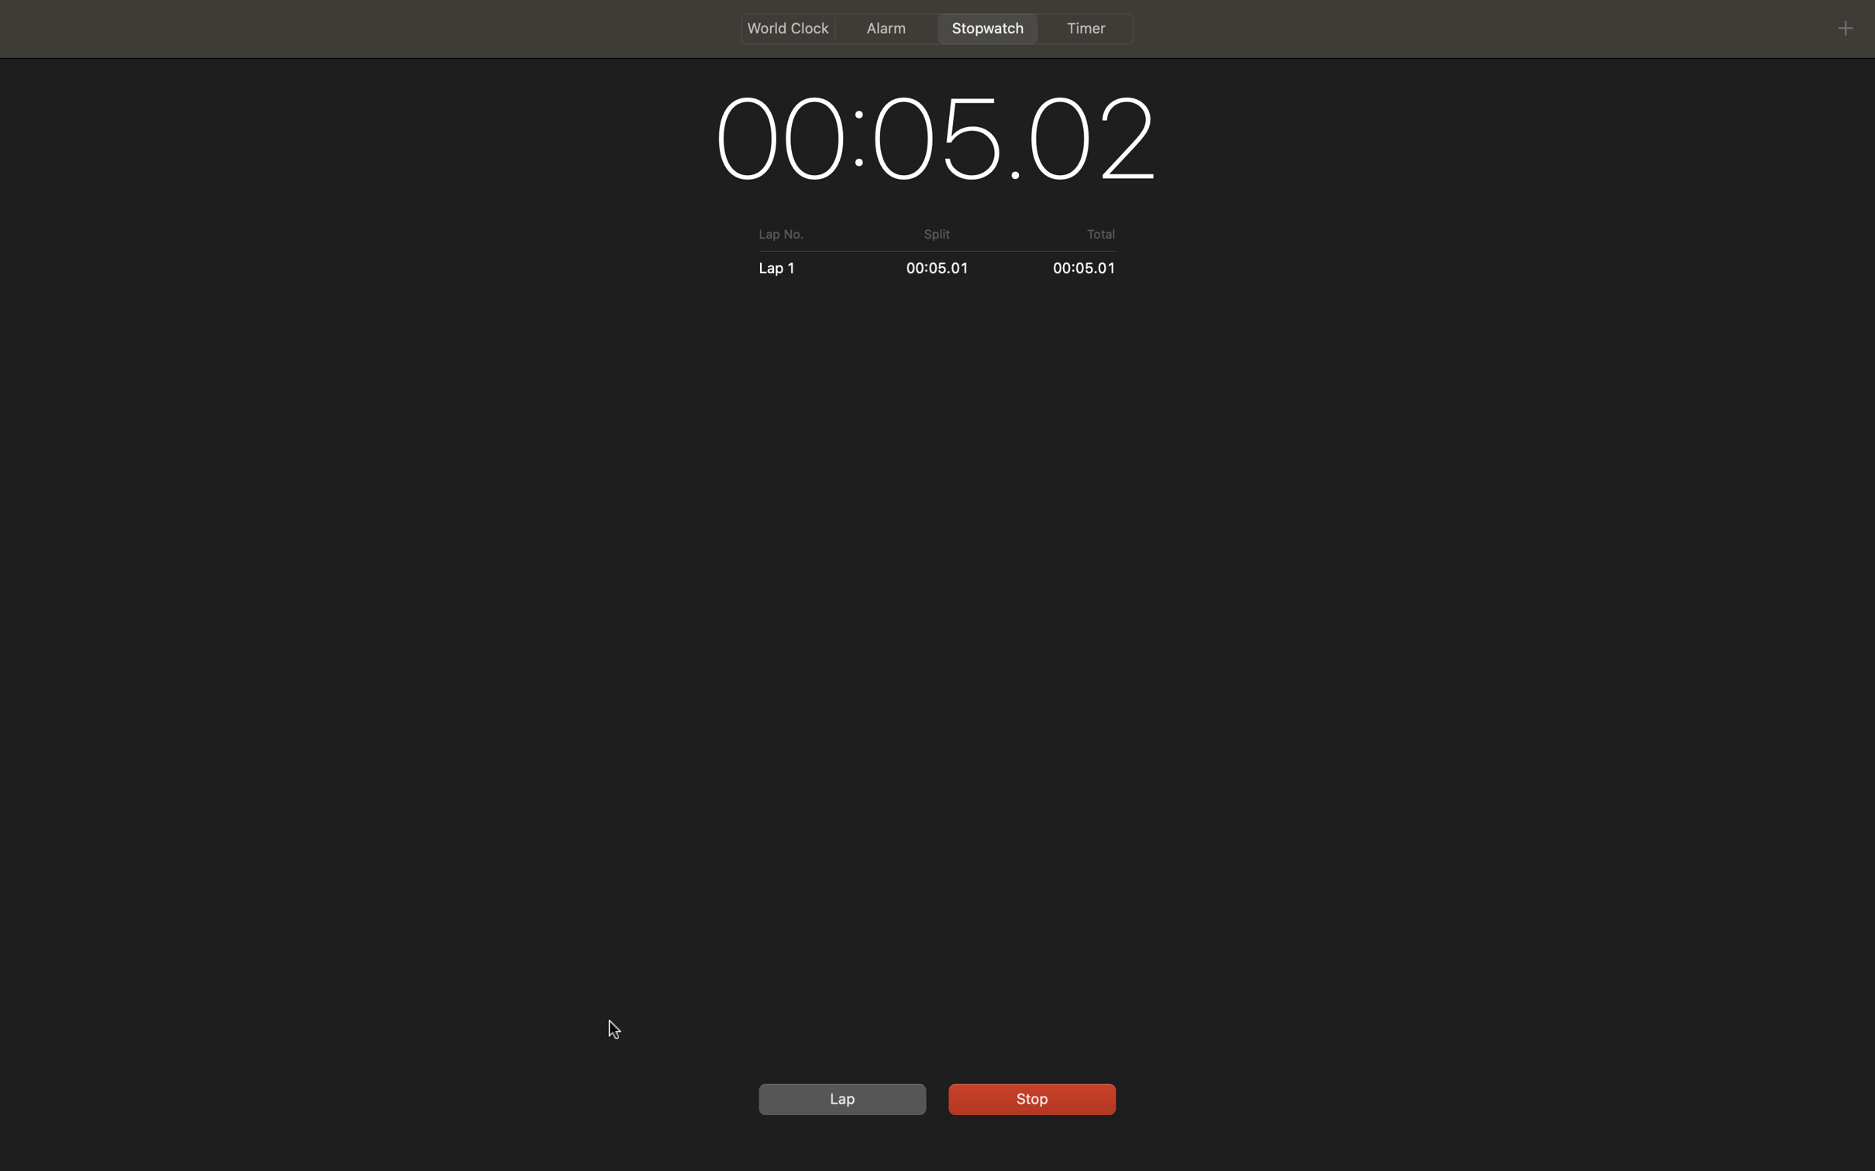 This screenshot has height=1171, width=1875. I want to click on Suspend the stopwatch function, then initiate it again, so click(1029, 1097).